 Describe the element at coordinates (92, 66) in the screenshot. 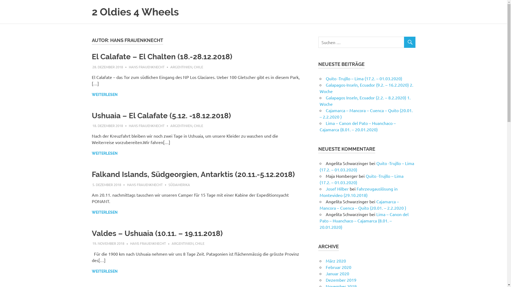

I see `'28. DEZEMBER 2018'` at that location.